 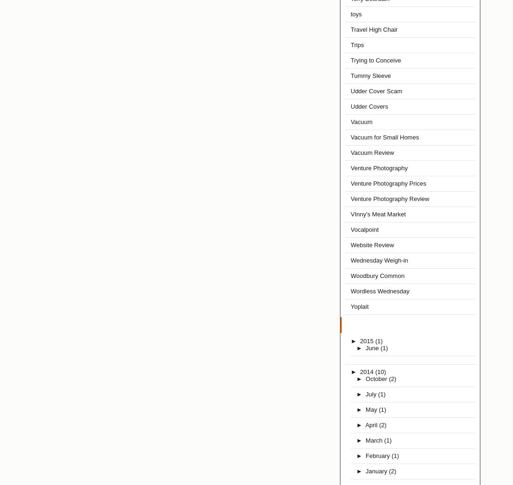 I want to click on 'toys', so click(x=356, y=14).